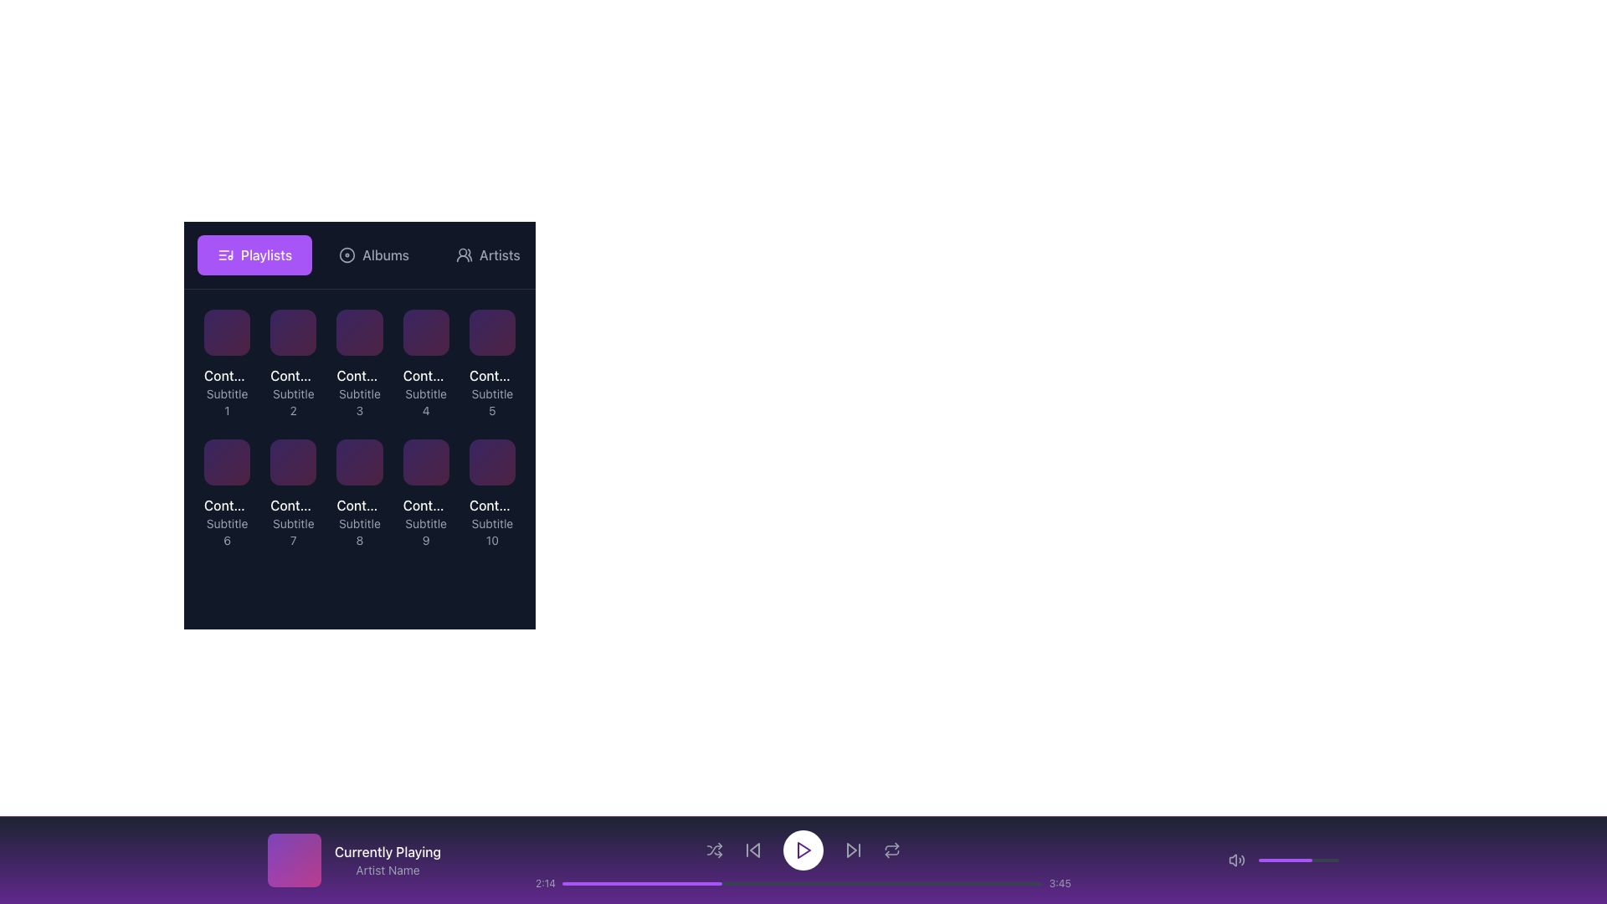 The height and width of the screenshot is (904, 1607). I want to click on progress, so click(677, 883).